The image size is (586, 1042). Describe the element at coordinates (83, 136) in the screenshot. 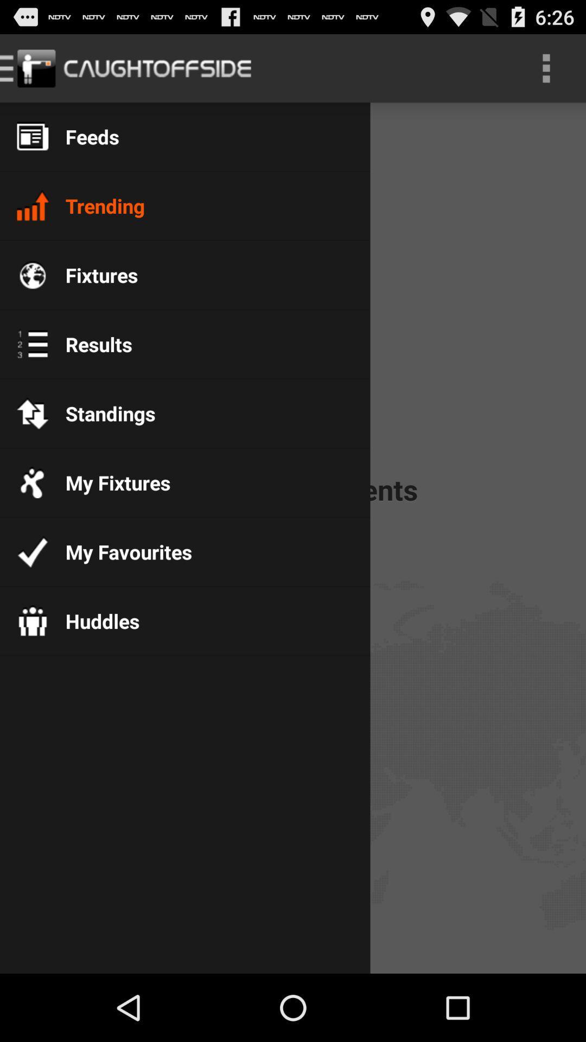

I see `the feeds icon` at that location.